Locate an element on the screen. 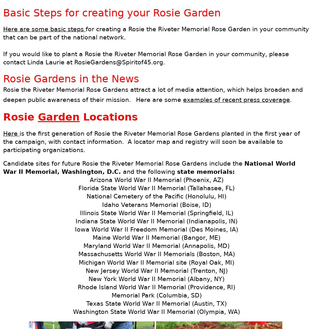  'Rosie' is located at coordinates (21, 116).